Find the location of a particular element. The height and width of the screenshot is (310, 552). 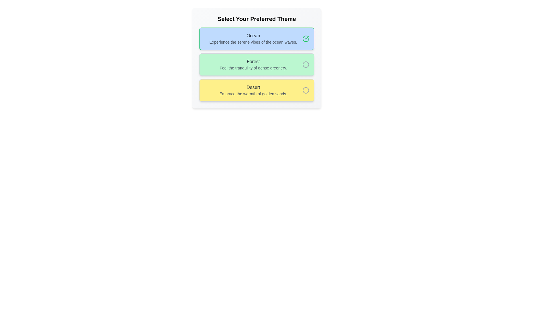

the custom styled checkbox indicating the selection of the 'Ocean' theme is located at coordinates (306, 39).